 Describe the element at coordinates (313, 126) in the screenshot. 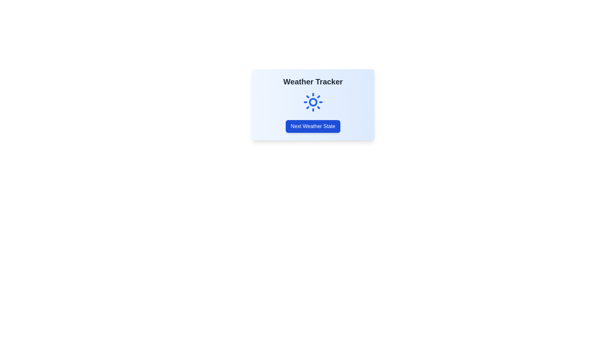

I see `the button located at the bottom segment of the weather tracker interface` at that location.